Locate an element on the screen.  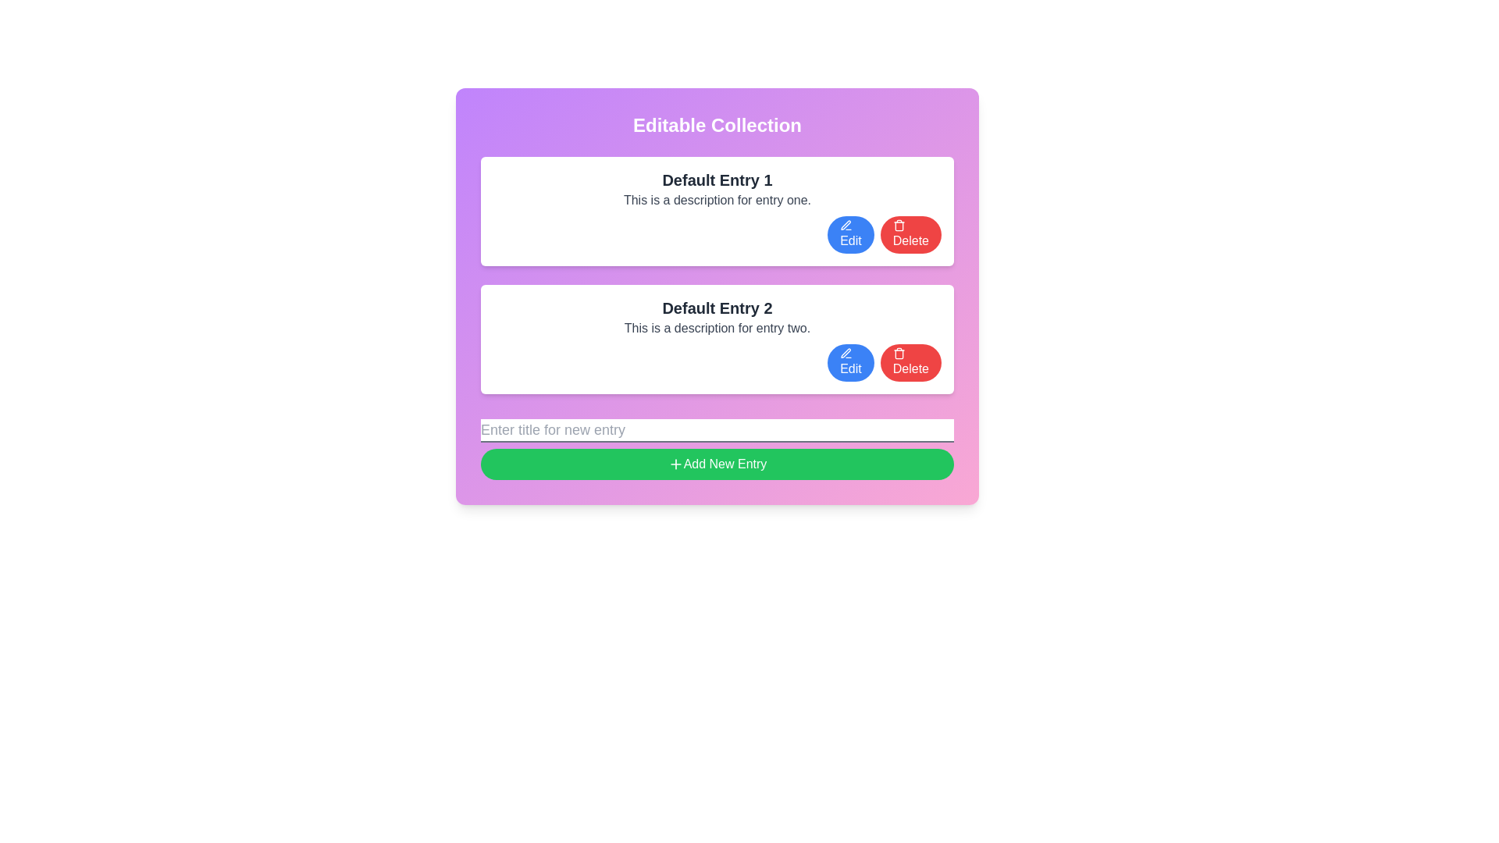
the text element that reads 'This is a description for entry one.', located directly below the title 'Default Entry 1' in the first entry block is located at coordinates (716, 200).